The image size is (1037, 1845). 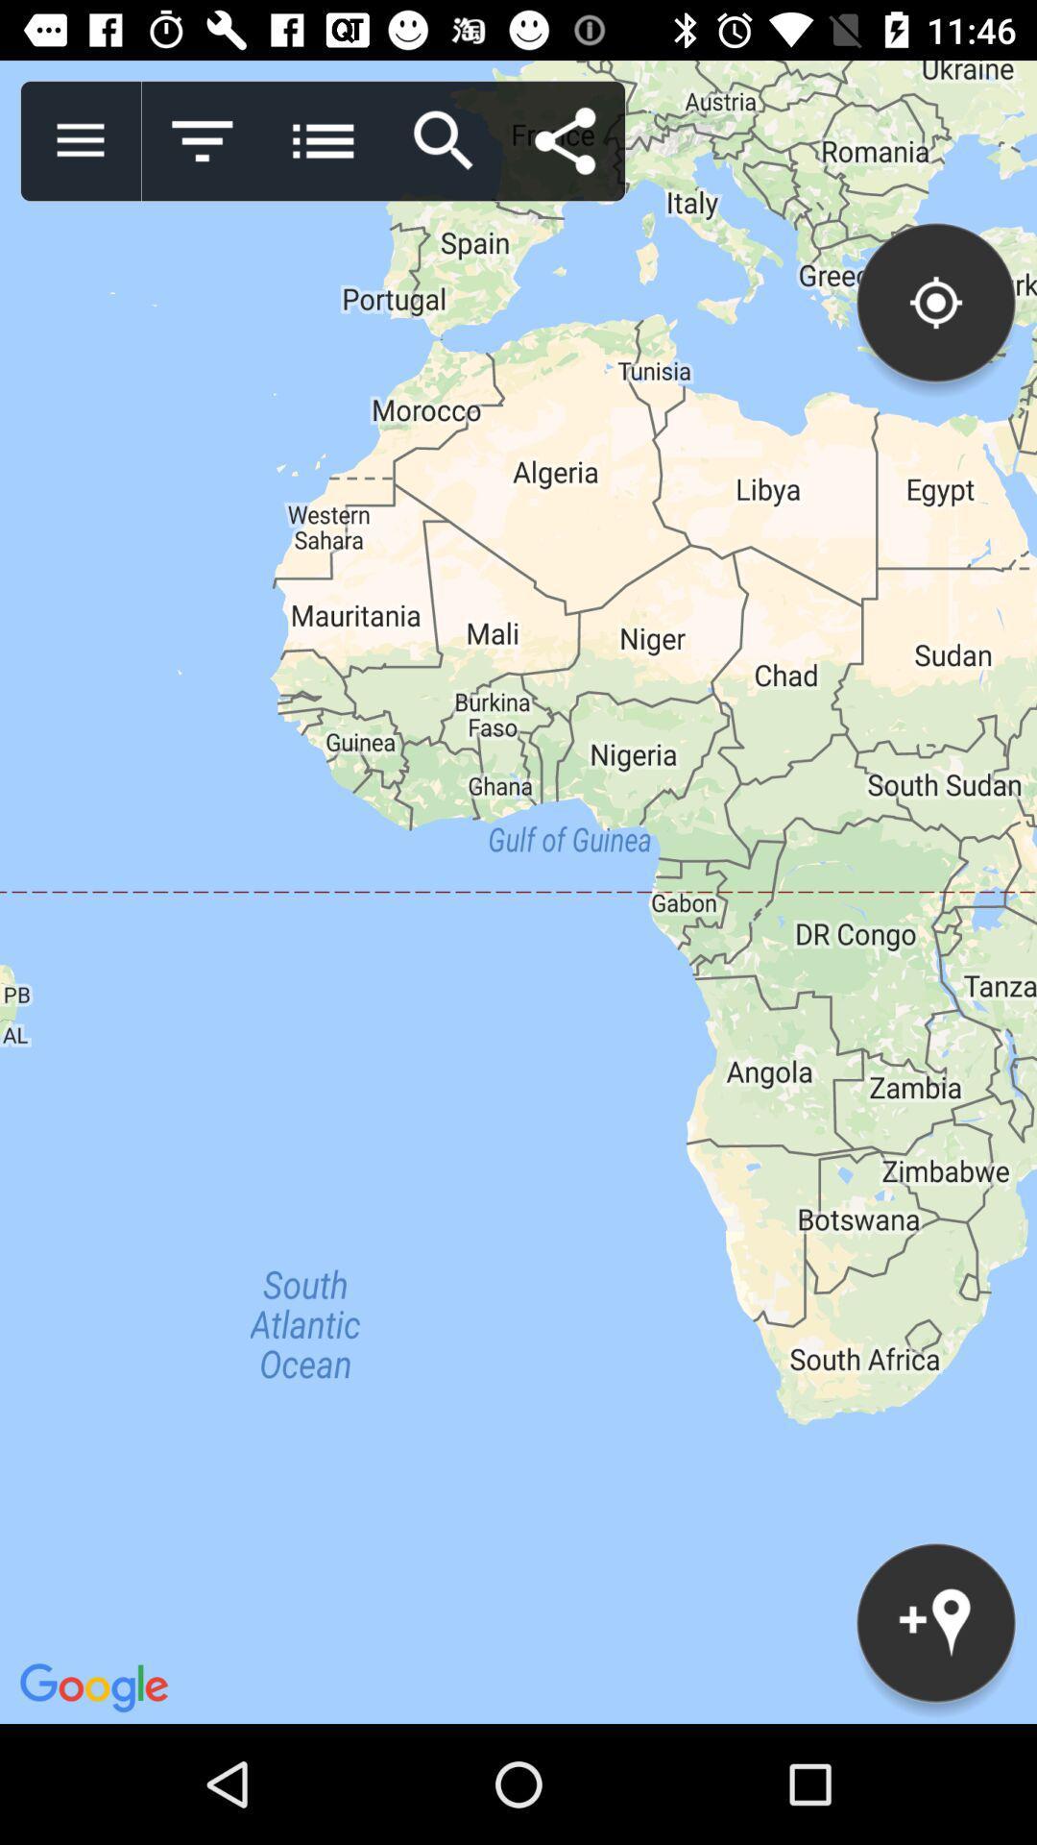 What do you see at coordinates (322, 140) in the screenshot?
I see `more options` at bounding box center [322, 140].